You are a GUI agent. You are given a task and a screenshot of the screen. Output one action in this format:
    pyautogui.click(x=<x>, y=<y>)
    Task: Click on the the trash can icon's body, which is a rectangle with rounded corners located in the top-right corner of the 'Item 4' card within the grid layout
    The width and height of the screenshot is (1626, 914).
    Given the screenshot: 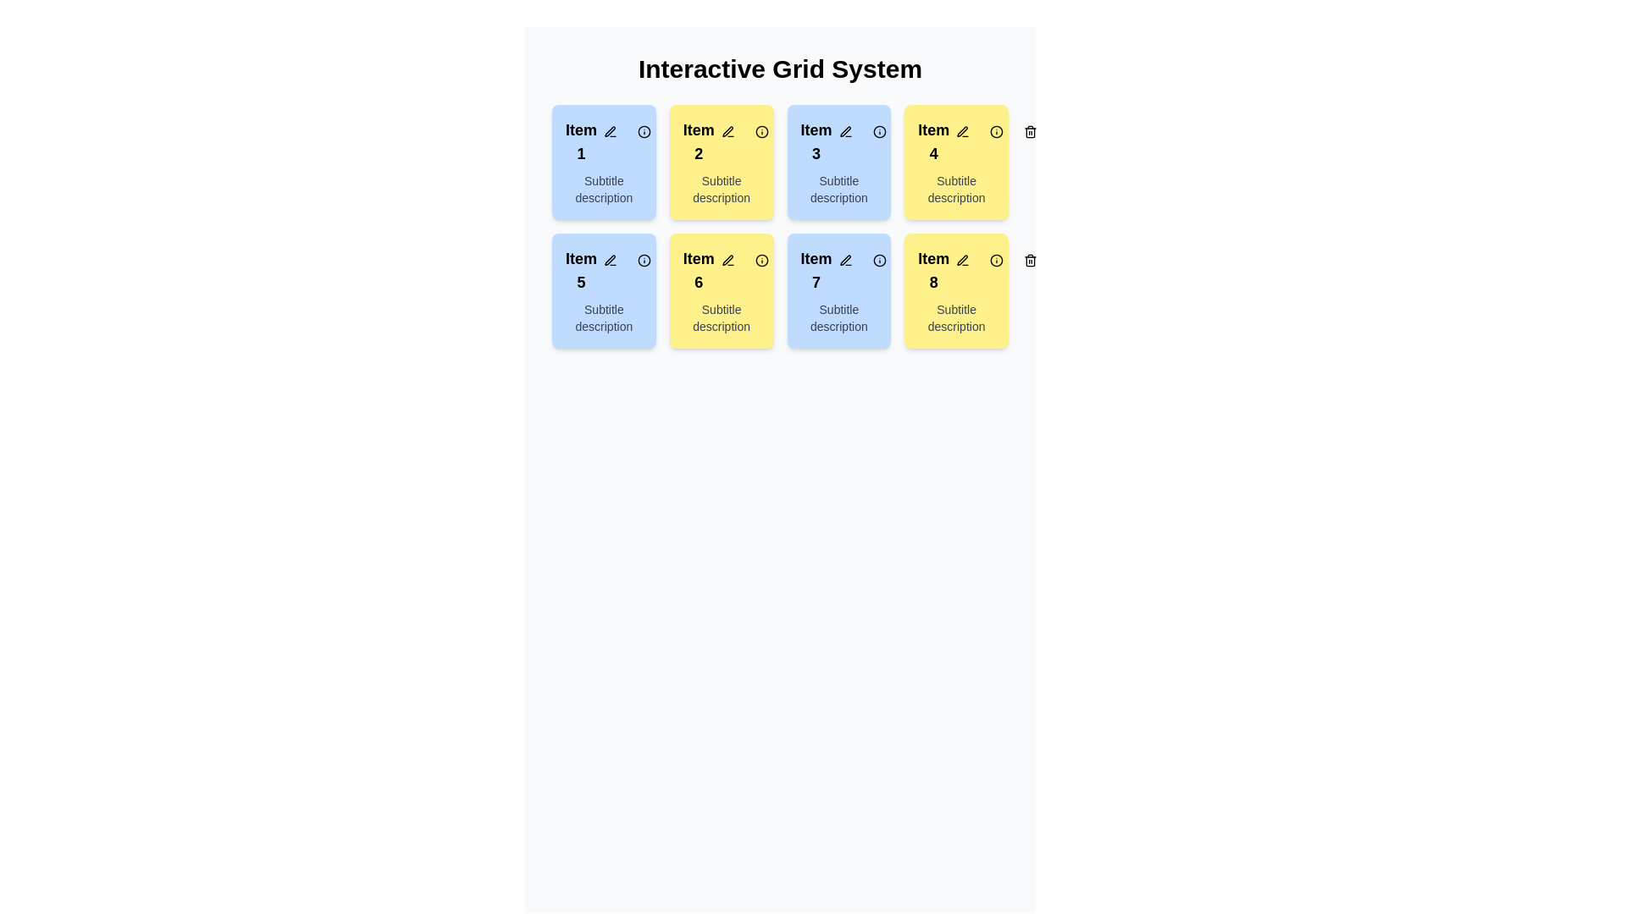 What is the action you would take?
    pyautogui.click(x=912, y=132)
    